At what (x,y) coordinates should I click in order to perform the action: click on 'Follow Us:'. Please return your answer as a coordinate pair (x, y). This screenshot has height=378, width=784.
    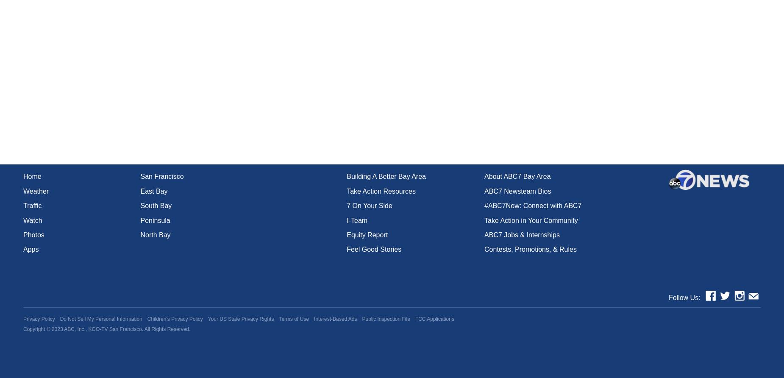
    Looking at the image, I should click on (684, 297).